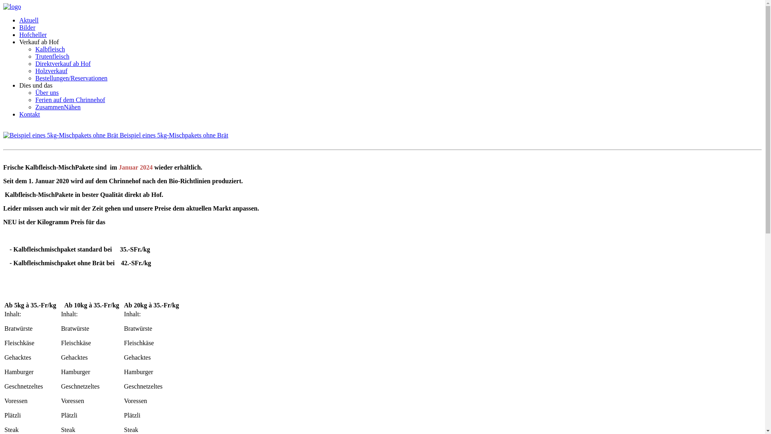 This screenshot has width=771, height=434. I want to click on 'Trutenfleisch', so click(35, 56).